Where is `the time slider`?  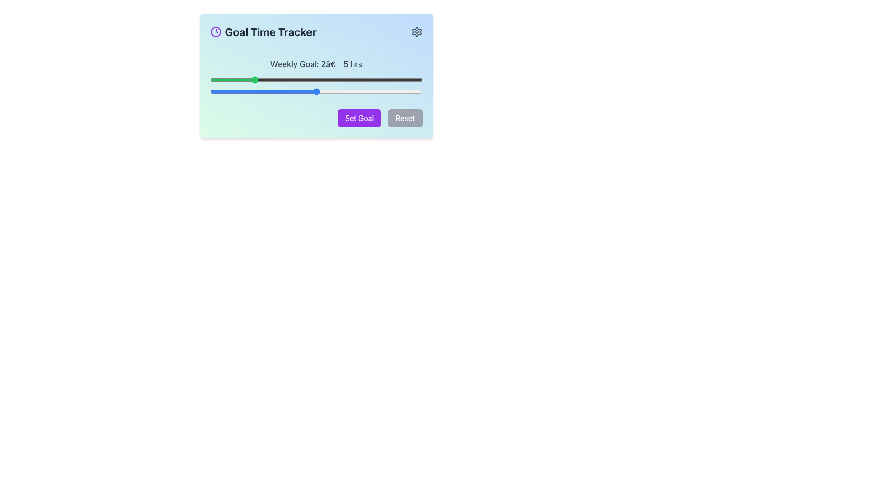 the time slider is located at coordinates (273, 79).